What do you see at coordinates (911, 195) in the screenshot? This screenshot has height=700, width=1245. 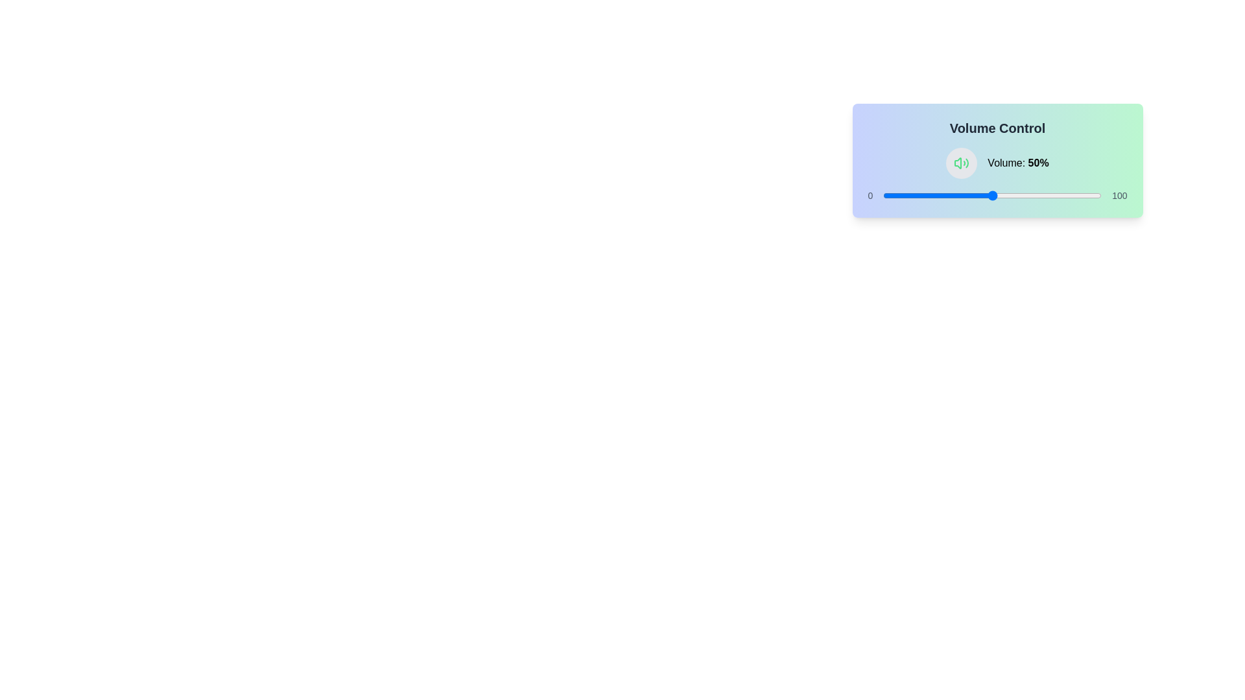 I see `the volume slider to set the volume to 13%` at bounding box center [911, 195].